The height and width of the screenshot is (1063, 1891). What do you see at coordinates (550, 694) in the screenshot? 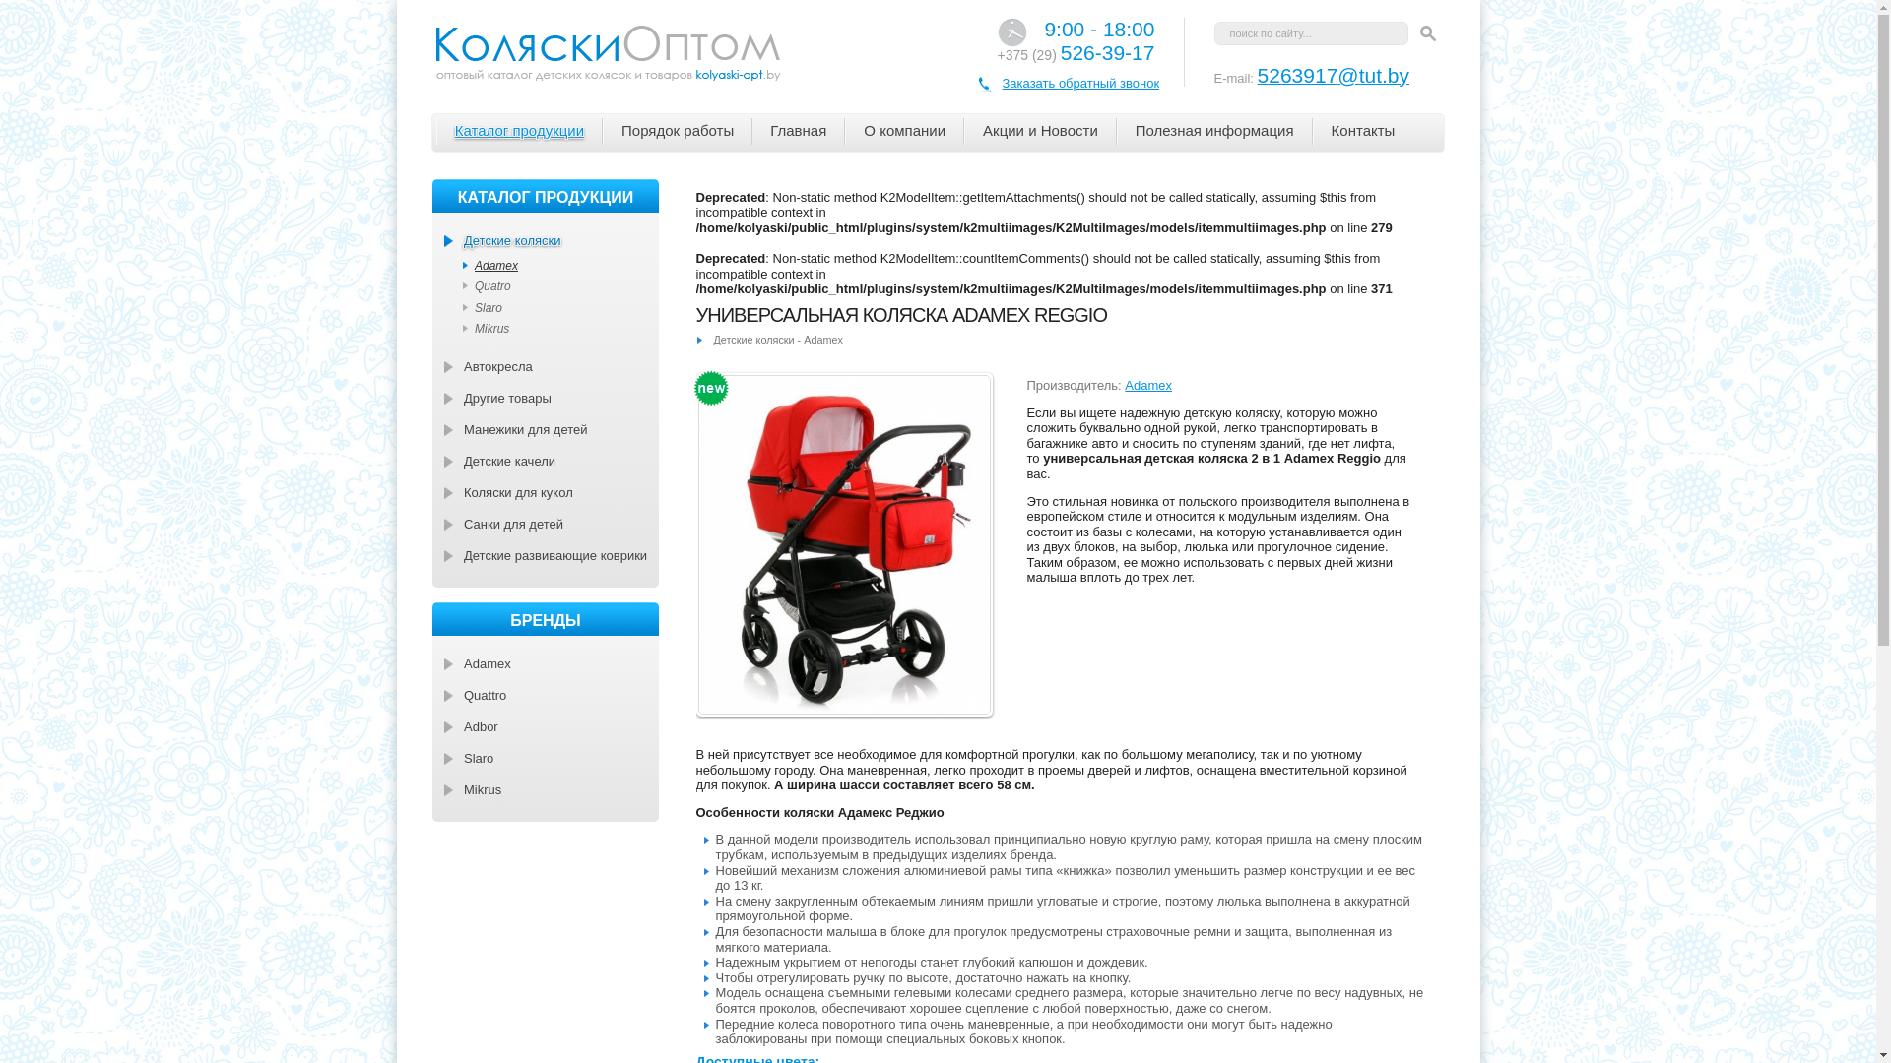
I see `'Quattro'` at bounding box center [550, 694].